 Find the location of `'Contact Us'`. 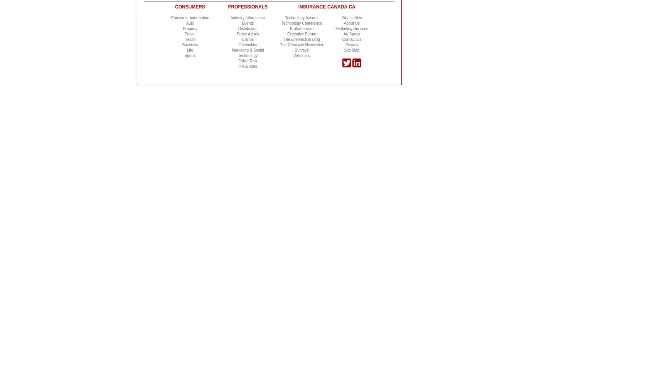

'Contact Us' is located at coordinates (351, 38).